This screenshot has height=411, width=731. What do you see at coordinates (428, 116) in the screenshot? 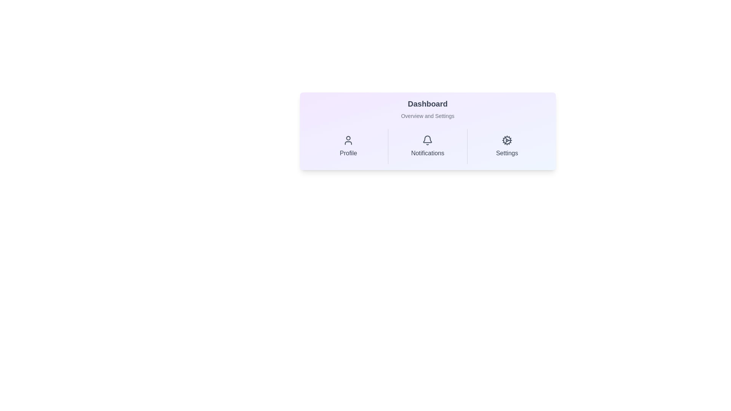
I see `the text element displaying 'Overview and Settings', which is located below the 'Dashboard' title` at bounding box center [428, 116].